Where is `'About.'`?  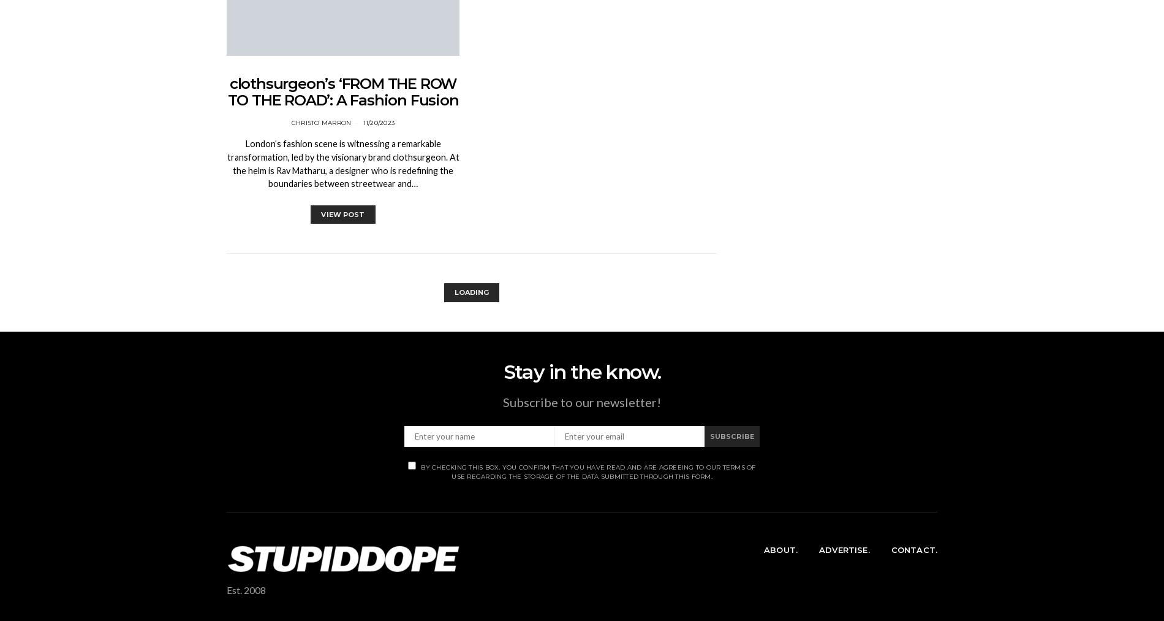
'About.' is located at coordinates (780, 548).